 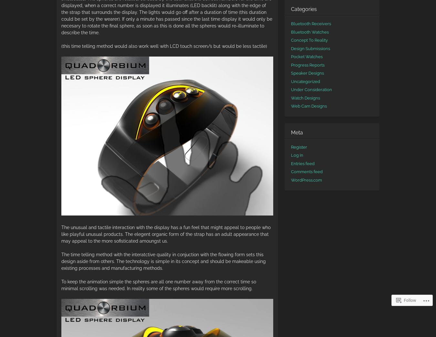 I want to click on 'Entries feed', so click(x=302, y=163).